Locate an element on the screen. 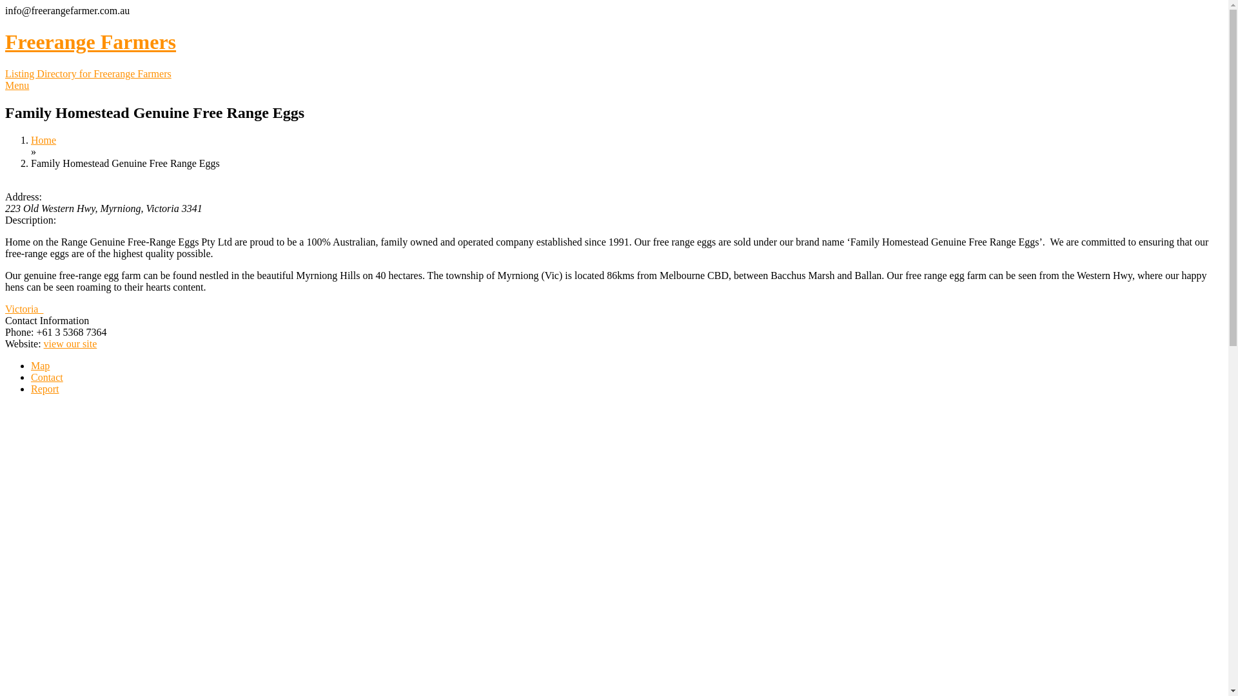 The image size is (1238, 696). 'view our site' is located at coordinates (70, 343).